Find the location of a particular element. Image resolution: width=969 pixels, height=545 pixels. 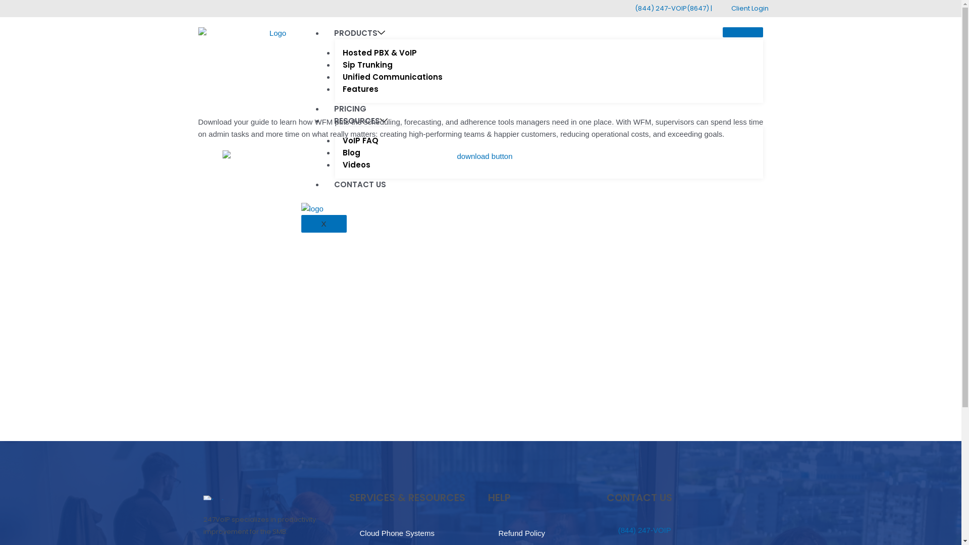

'RESOURCES' is located at coordinates (361, 120).